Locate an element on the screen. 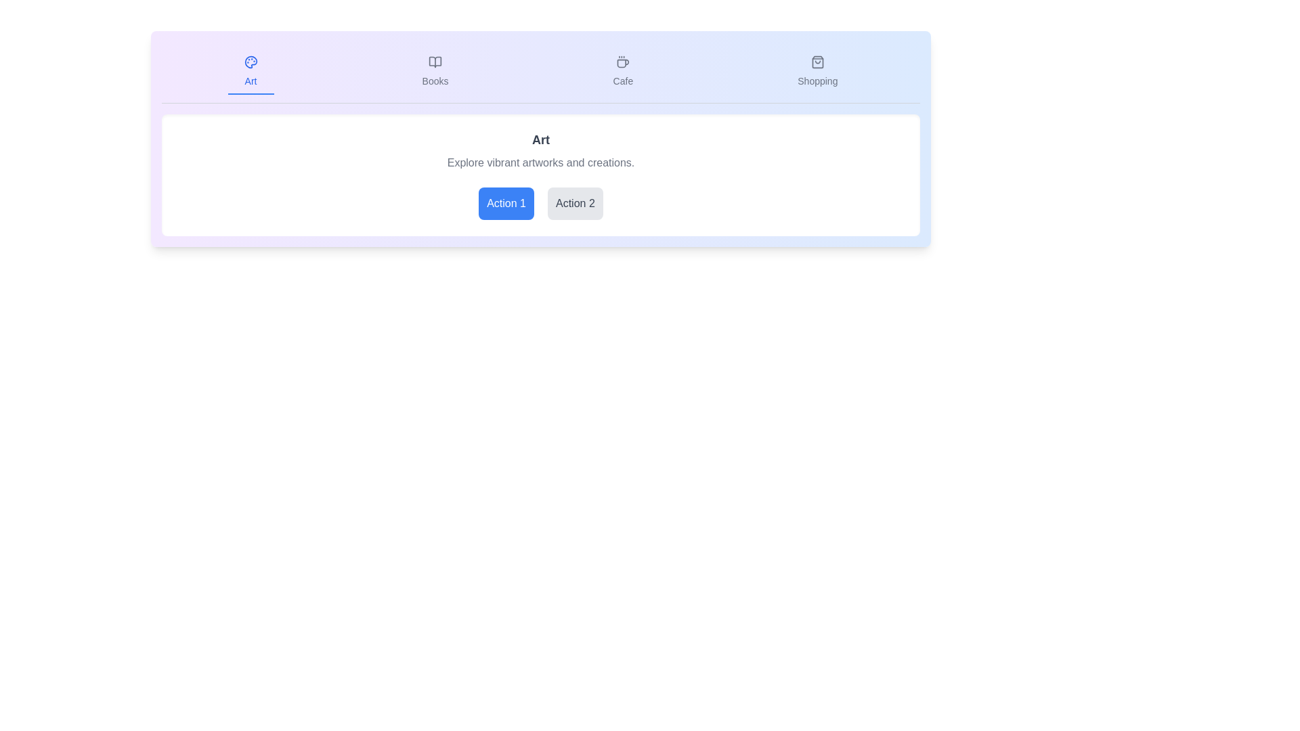  the text 'Explore vibrant artworks and creations.' is located at coordinates (540, 162).